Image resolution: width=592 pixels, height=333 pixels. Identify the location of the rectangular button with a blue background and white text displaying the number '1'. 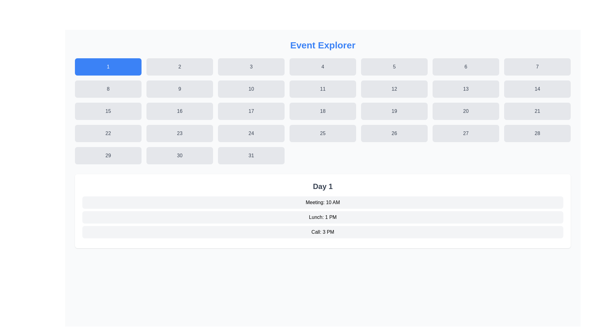
(108, 67).